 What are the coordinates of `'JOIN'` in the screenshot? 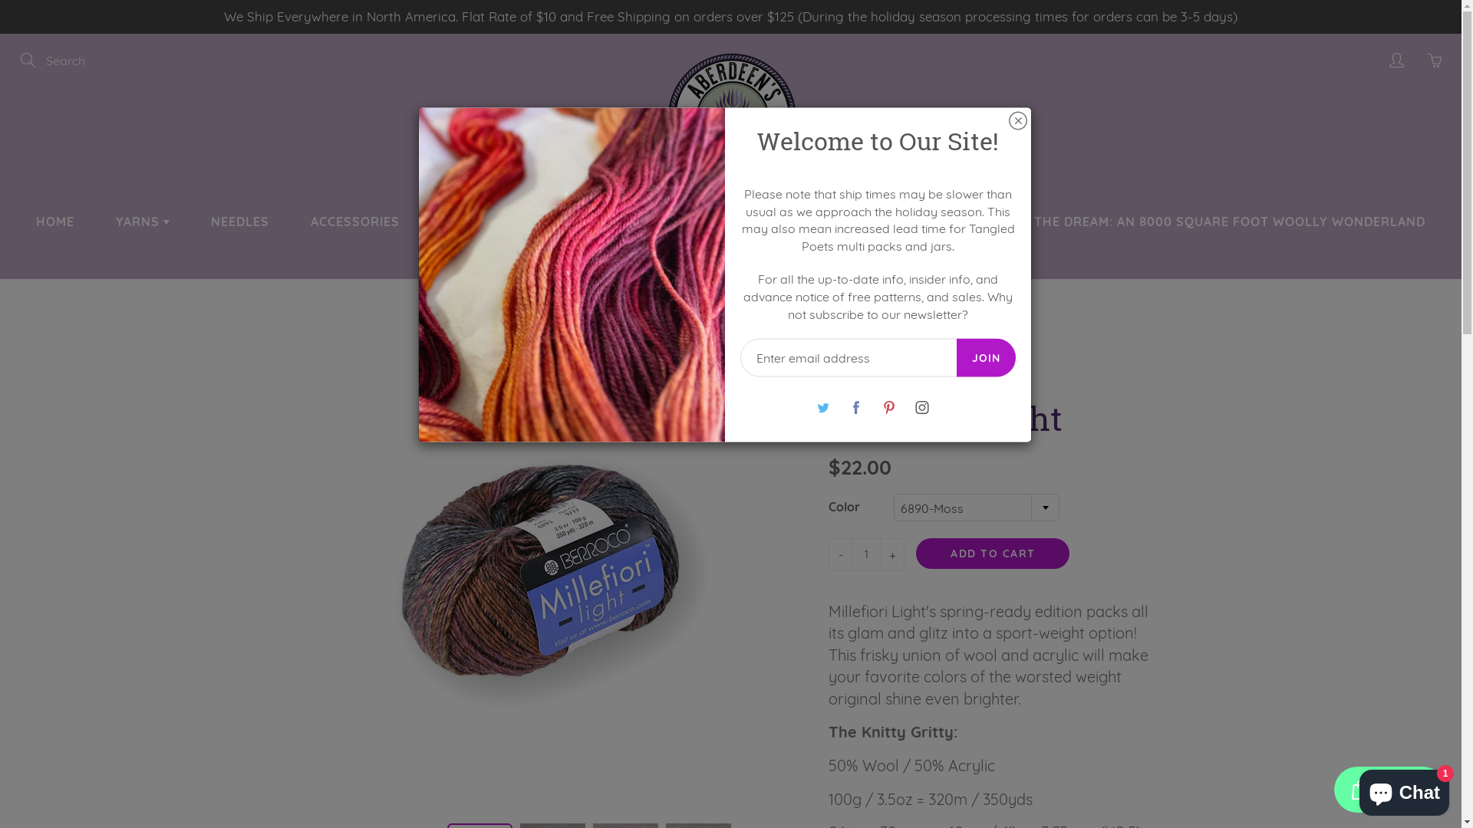 It's located at (986, 357).